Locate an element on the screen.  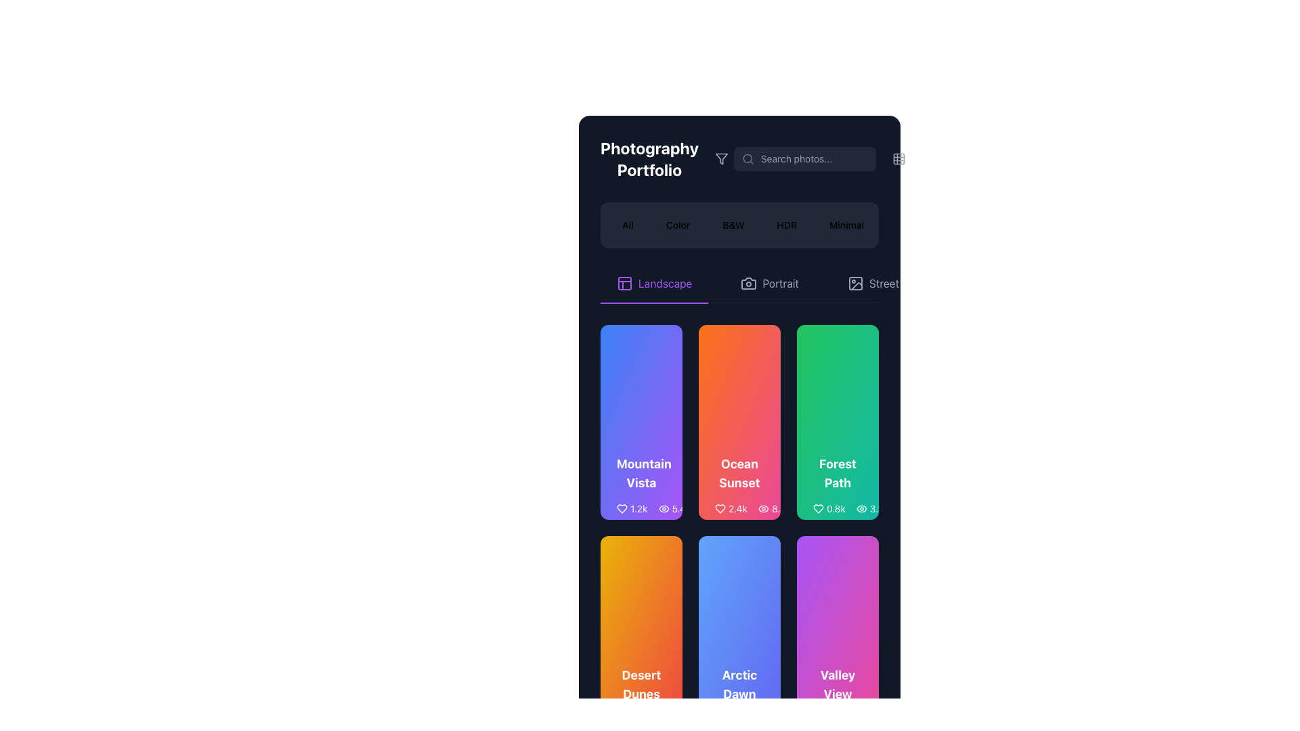
the 'Minimal' button, which is the last button in a horizontal row of five buttons, featuring a dark background and medium-sized text is located at coordinates (846, 224).